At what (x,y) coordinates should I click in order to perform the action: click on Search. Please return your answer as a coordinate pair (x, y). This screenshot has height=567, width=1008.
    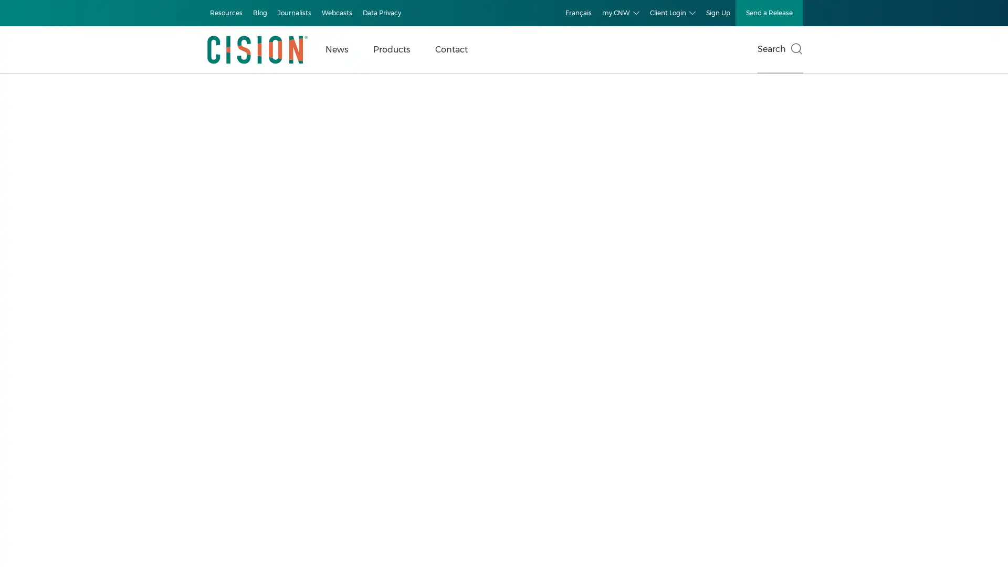
    Looking at the image, I should click on (780, 50).